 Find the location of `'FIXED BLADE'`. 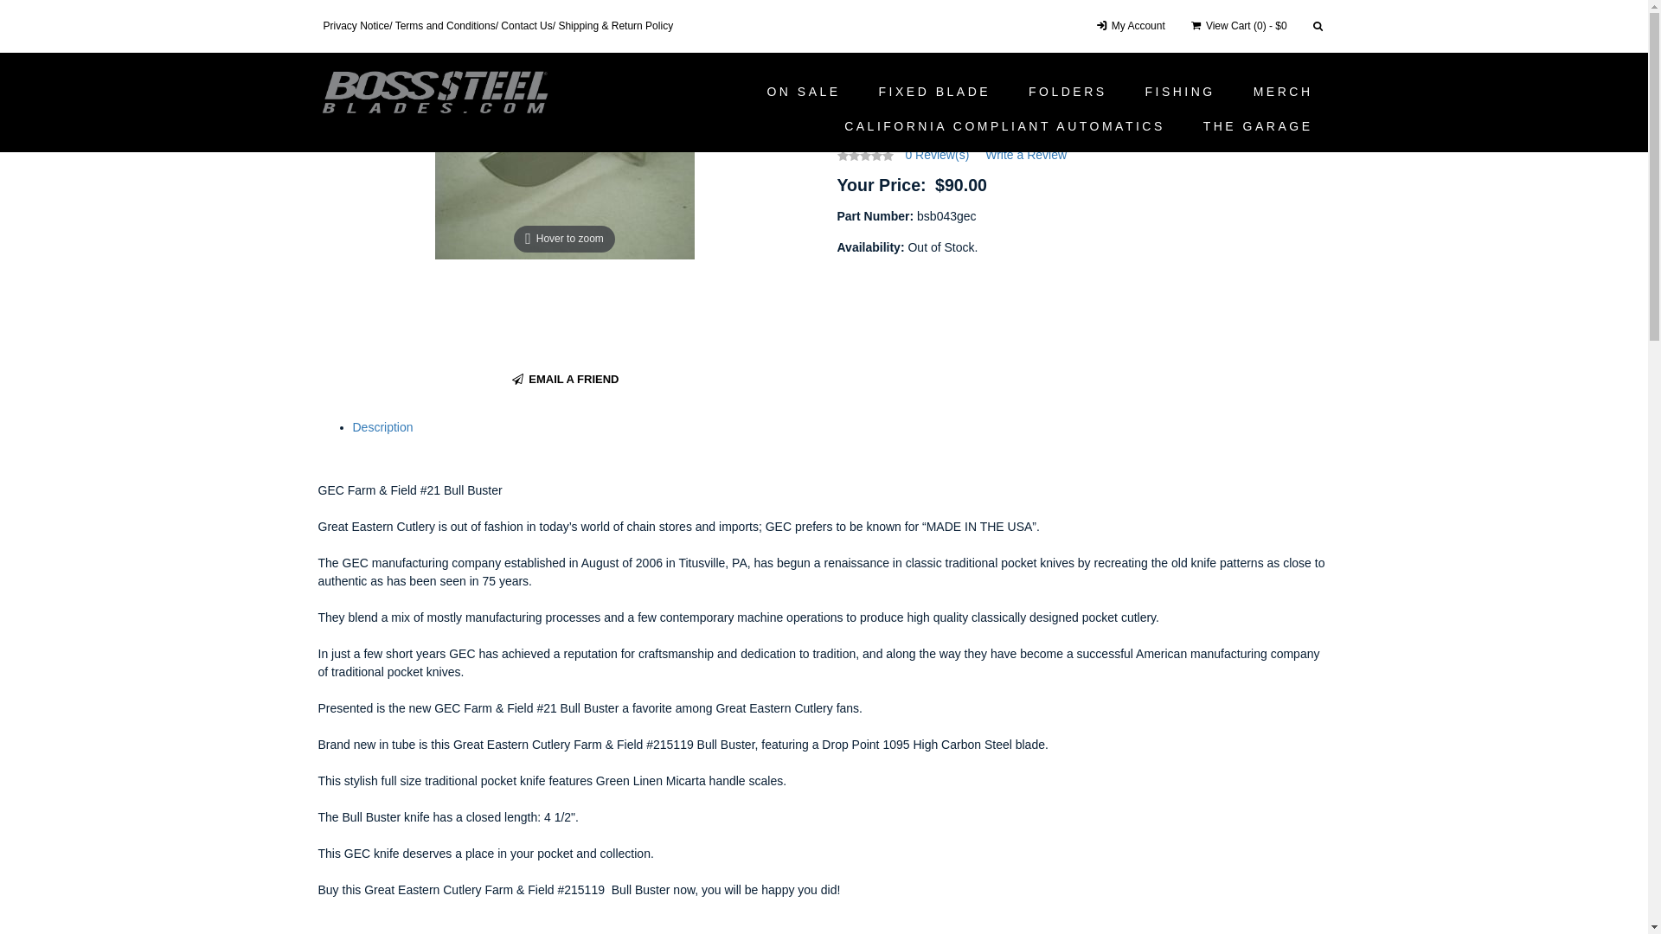

'FIXED BLADE' is located at coordinates (862, 91).